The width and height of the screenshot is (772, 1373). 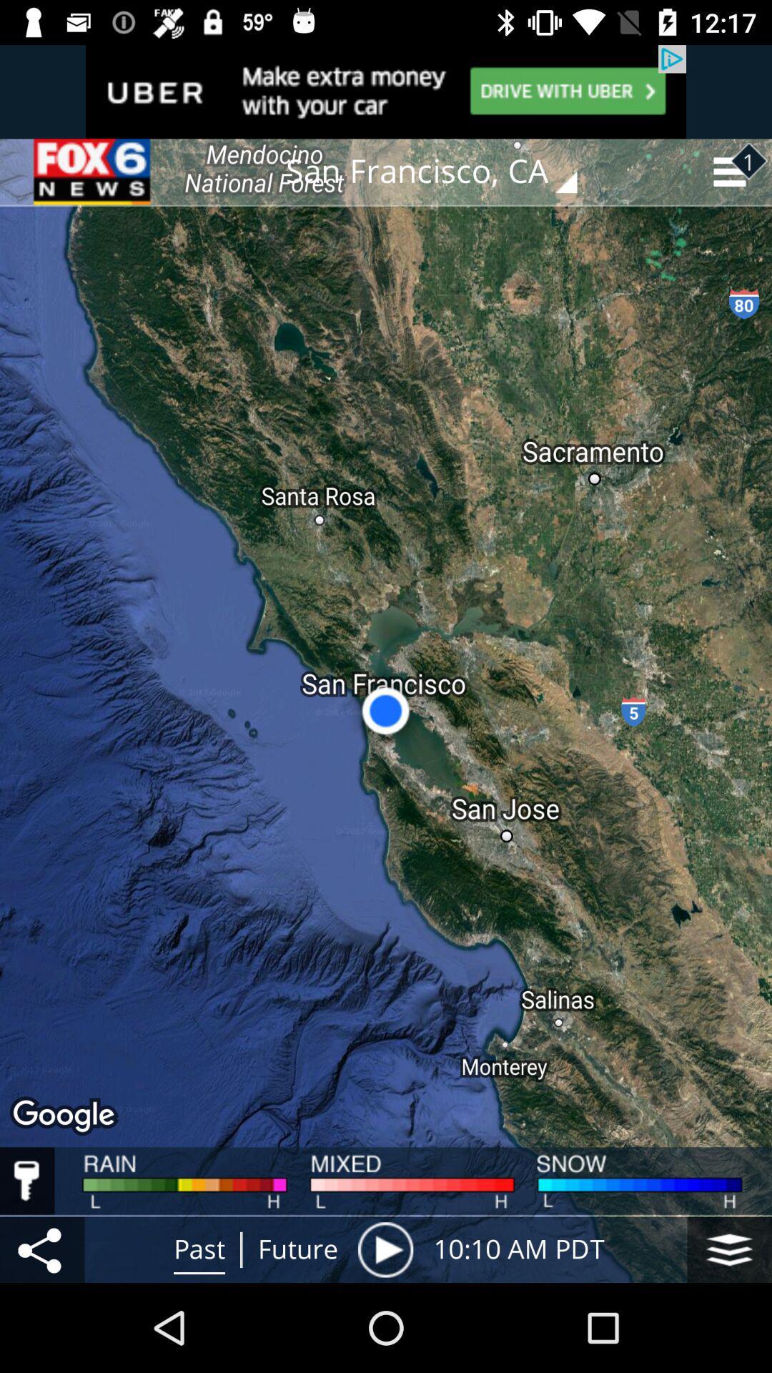 I want to click on icon next to the 10 10 am, so click(x=385, y=1249).